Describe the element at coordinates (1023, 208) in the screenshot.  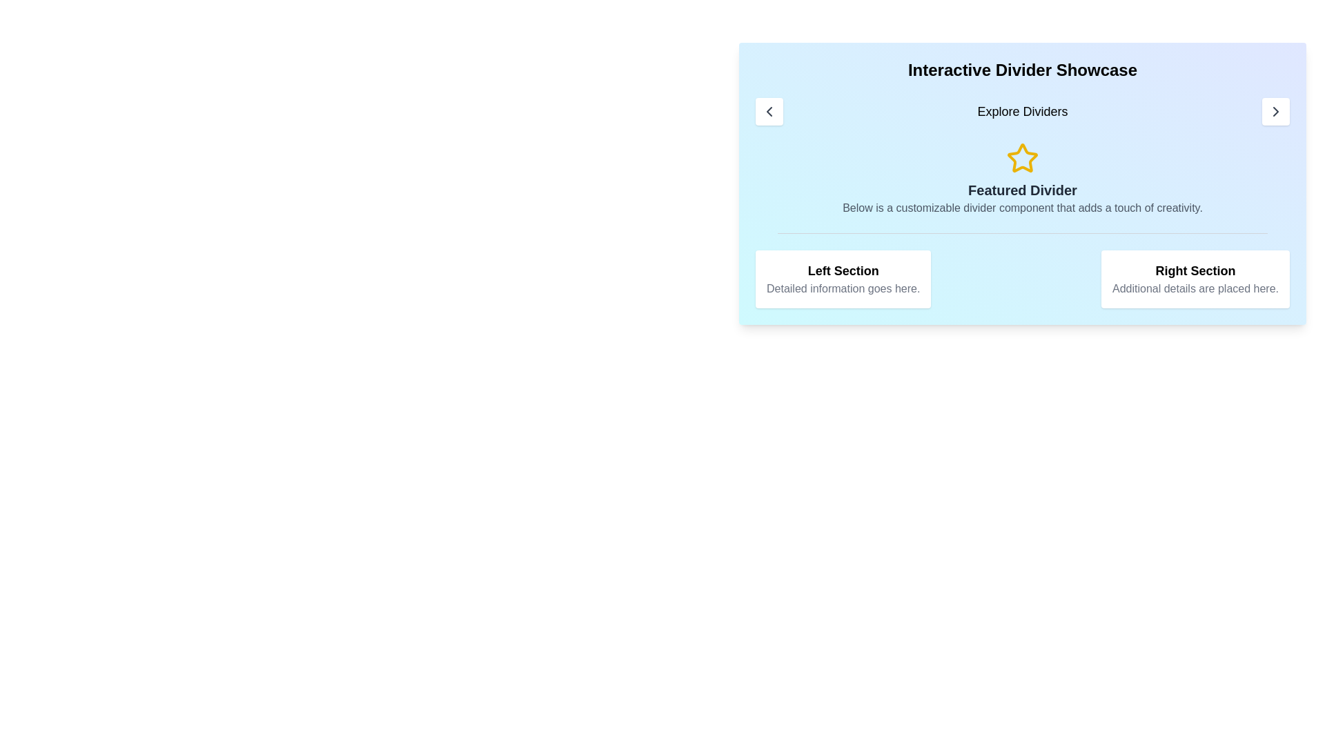
I see `the descriptive gray text that reads 'Below is a customizable divider component that adds a touch of creativity.' It is positioned below the heading 'Featured Divider' and above a horizontal divider` at that location.